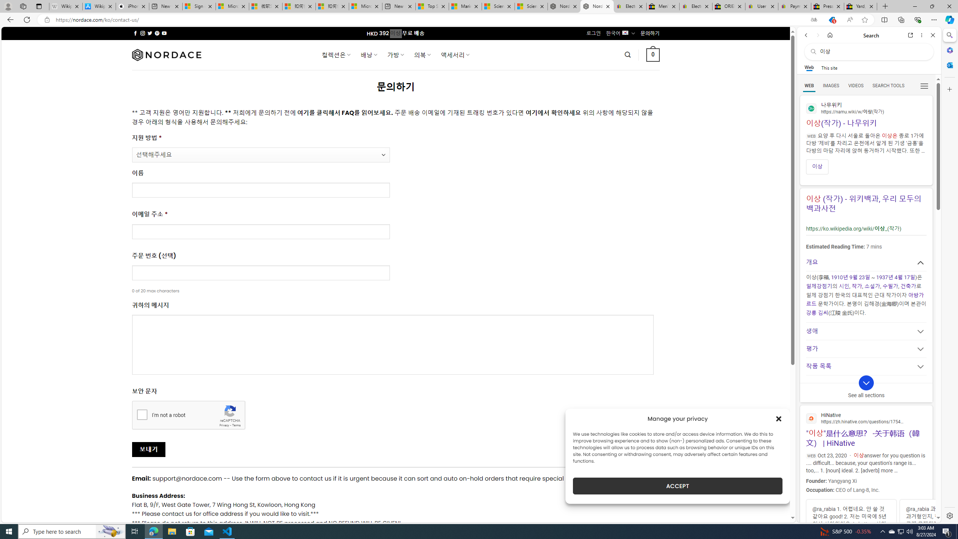 The height and width of the screenshot is (539, 958). What do you see at coordinates (813, 20) in the screenshot?
I see `'Show translate options'` at bounding box center [813, 20].